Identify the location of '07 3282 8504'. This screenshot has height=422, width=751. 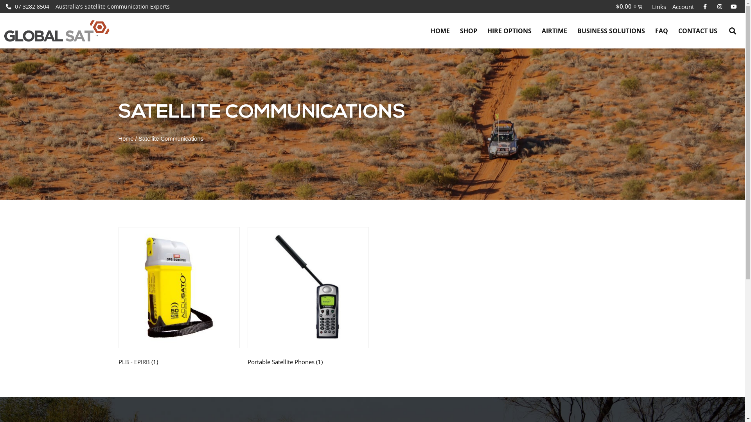
(5, 6).